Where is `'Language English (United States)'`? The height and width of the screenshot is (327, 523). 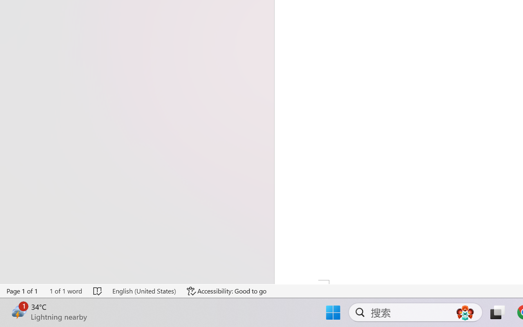
'Language English (United States)' is located at coordinates (144, 291).